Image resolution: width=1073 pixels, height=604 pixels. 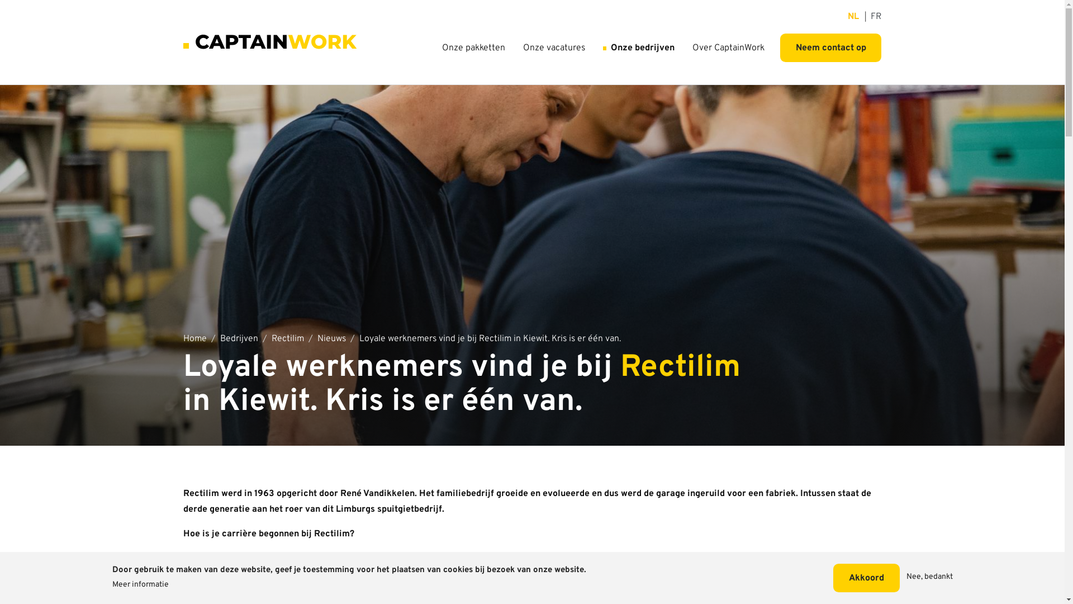 I want to click on 'Akkoord', so click(x=833, y=578).